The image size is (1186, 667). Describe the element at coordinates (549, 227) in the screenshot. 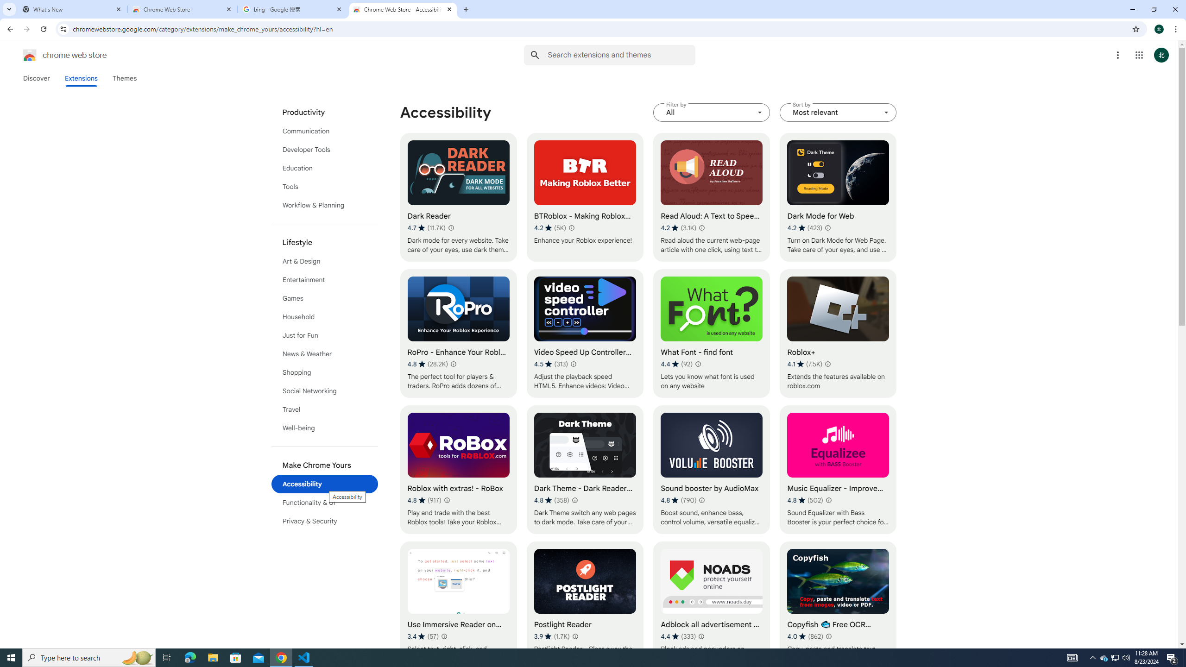

I see `'Average rating 4.2 out of 5 stars. 5K ratings.'` at that location.